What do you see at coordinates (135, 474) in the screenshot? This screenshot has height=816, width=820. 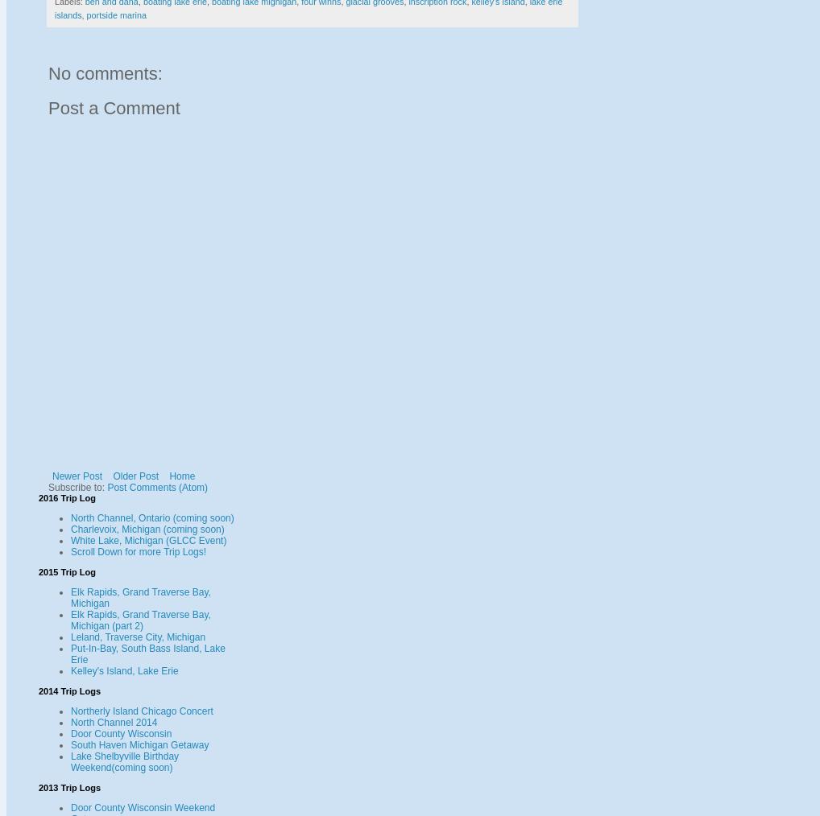 I see `'Older Post'` at bounding box center [135, 474].